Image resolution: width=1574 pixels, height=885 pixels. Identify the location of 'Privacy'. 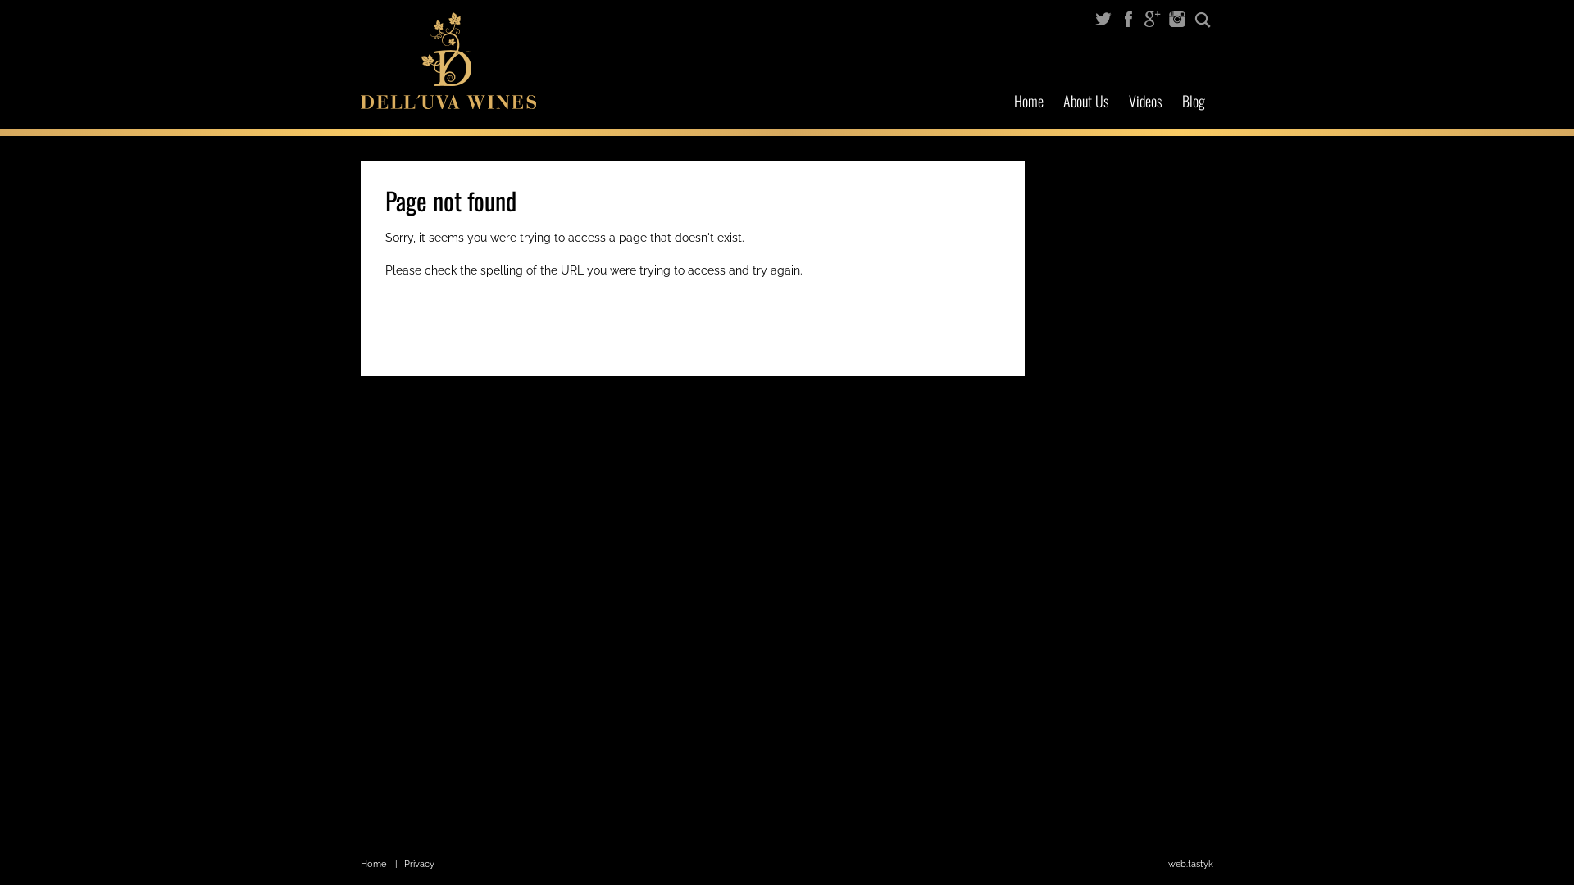
(419, 863).